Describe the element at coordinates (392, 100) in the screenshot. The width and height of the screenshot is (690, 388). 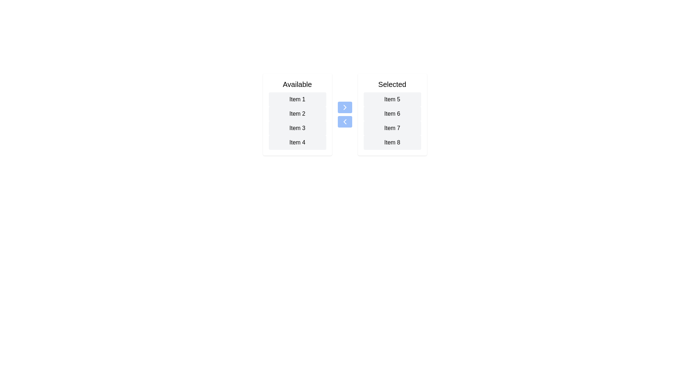
I see `the List Item element labeled 'Item 5' in the right-hand 'Selected' panel` at that location.